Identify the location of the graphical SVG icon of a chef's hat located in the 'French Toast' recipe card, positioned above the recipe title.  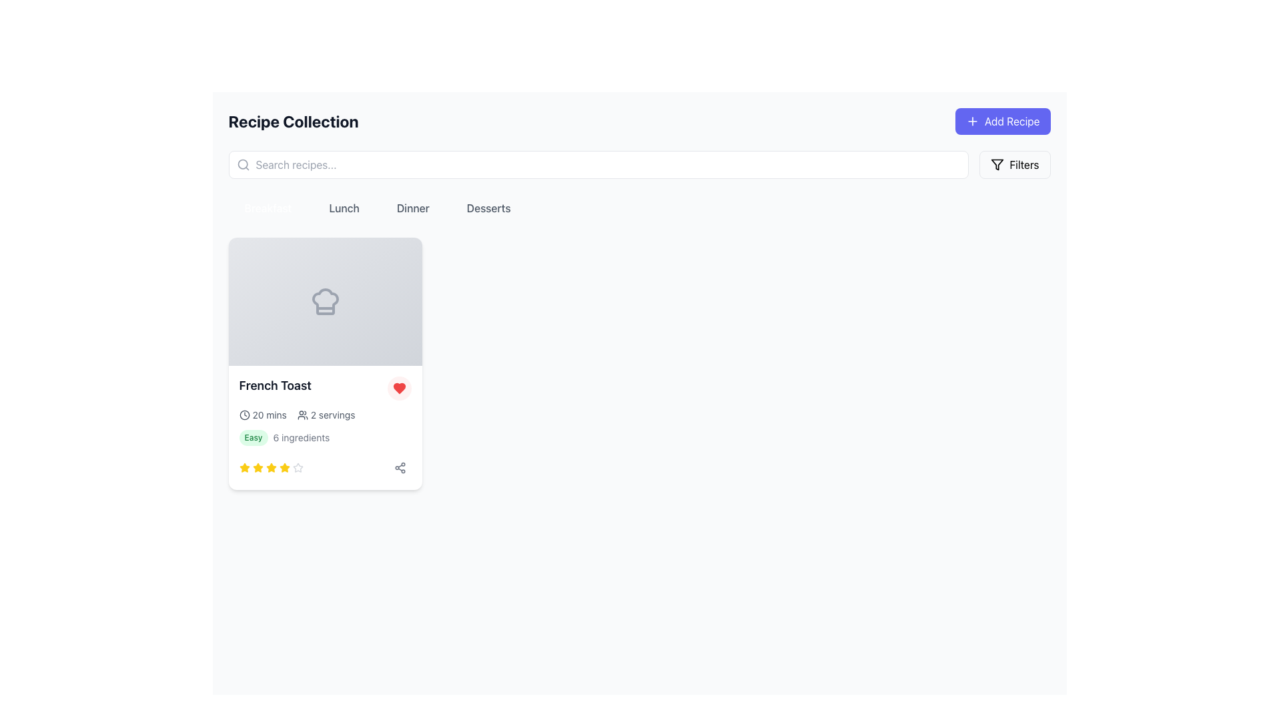
(325, 301).